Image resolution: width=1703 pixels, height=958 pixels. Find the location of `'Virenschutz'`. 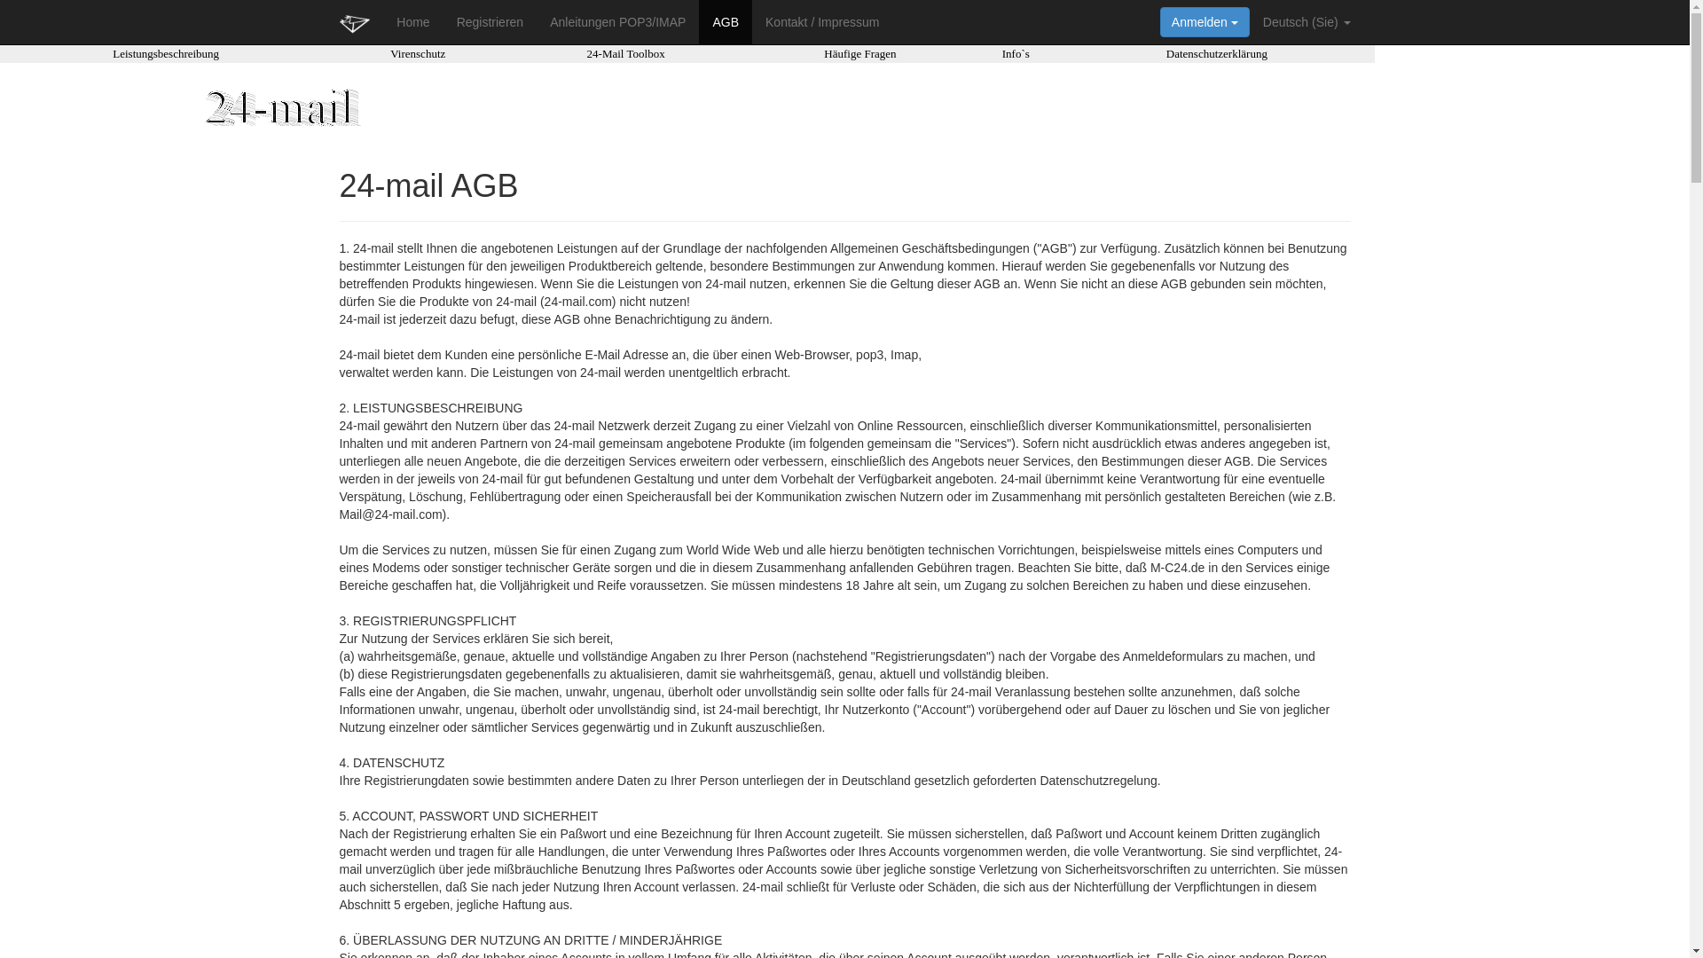

'Virenschutz' is located at coordinates (389, 52).